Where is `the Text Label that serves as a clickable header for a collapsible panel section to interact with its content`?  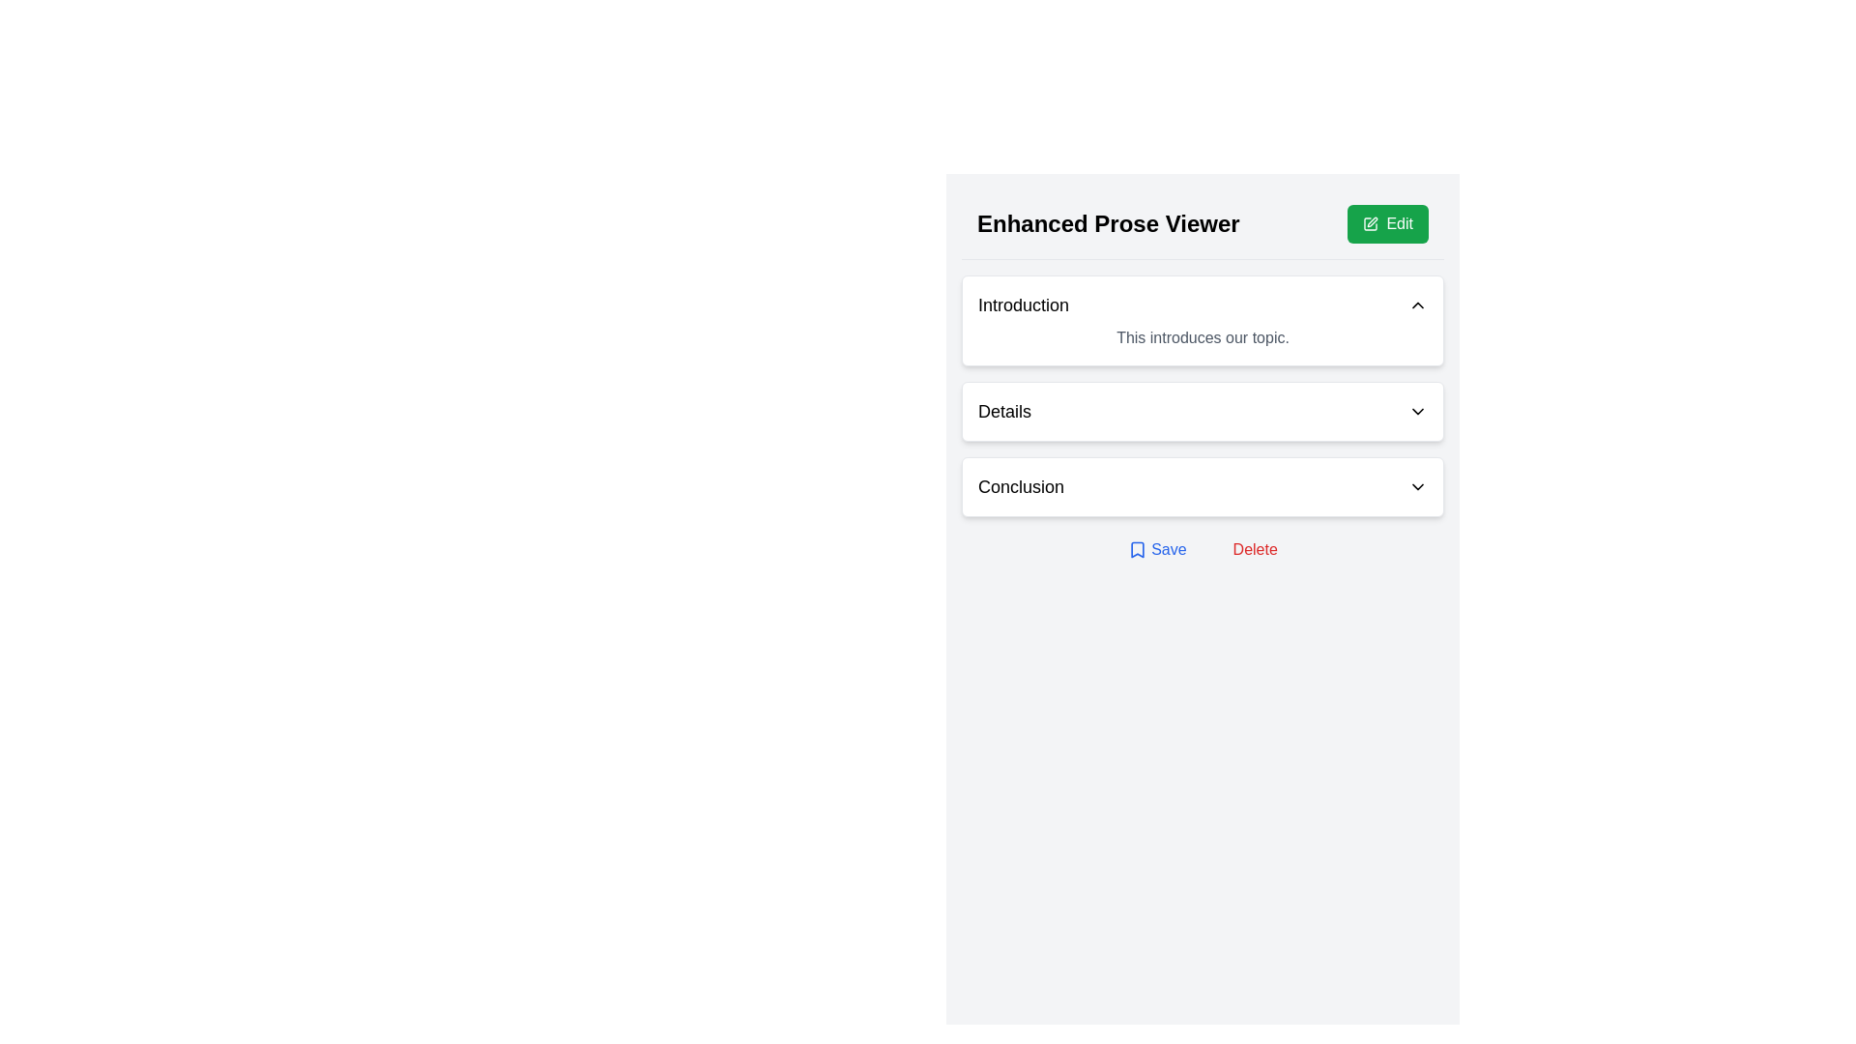 the Text Label that serves as a clickable header for a collapsible panel section to interact with its content is located at coordinates (1023, 304).